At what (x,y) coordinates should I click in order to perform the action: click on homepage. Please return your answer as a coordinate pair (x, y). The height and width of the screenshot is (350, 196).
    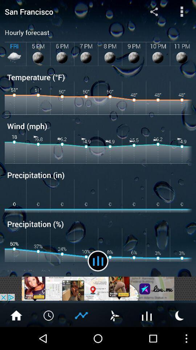
    Looking at the image, I should click on (16, 315).